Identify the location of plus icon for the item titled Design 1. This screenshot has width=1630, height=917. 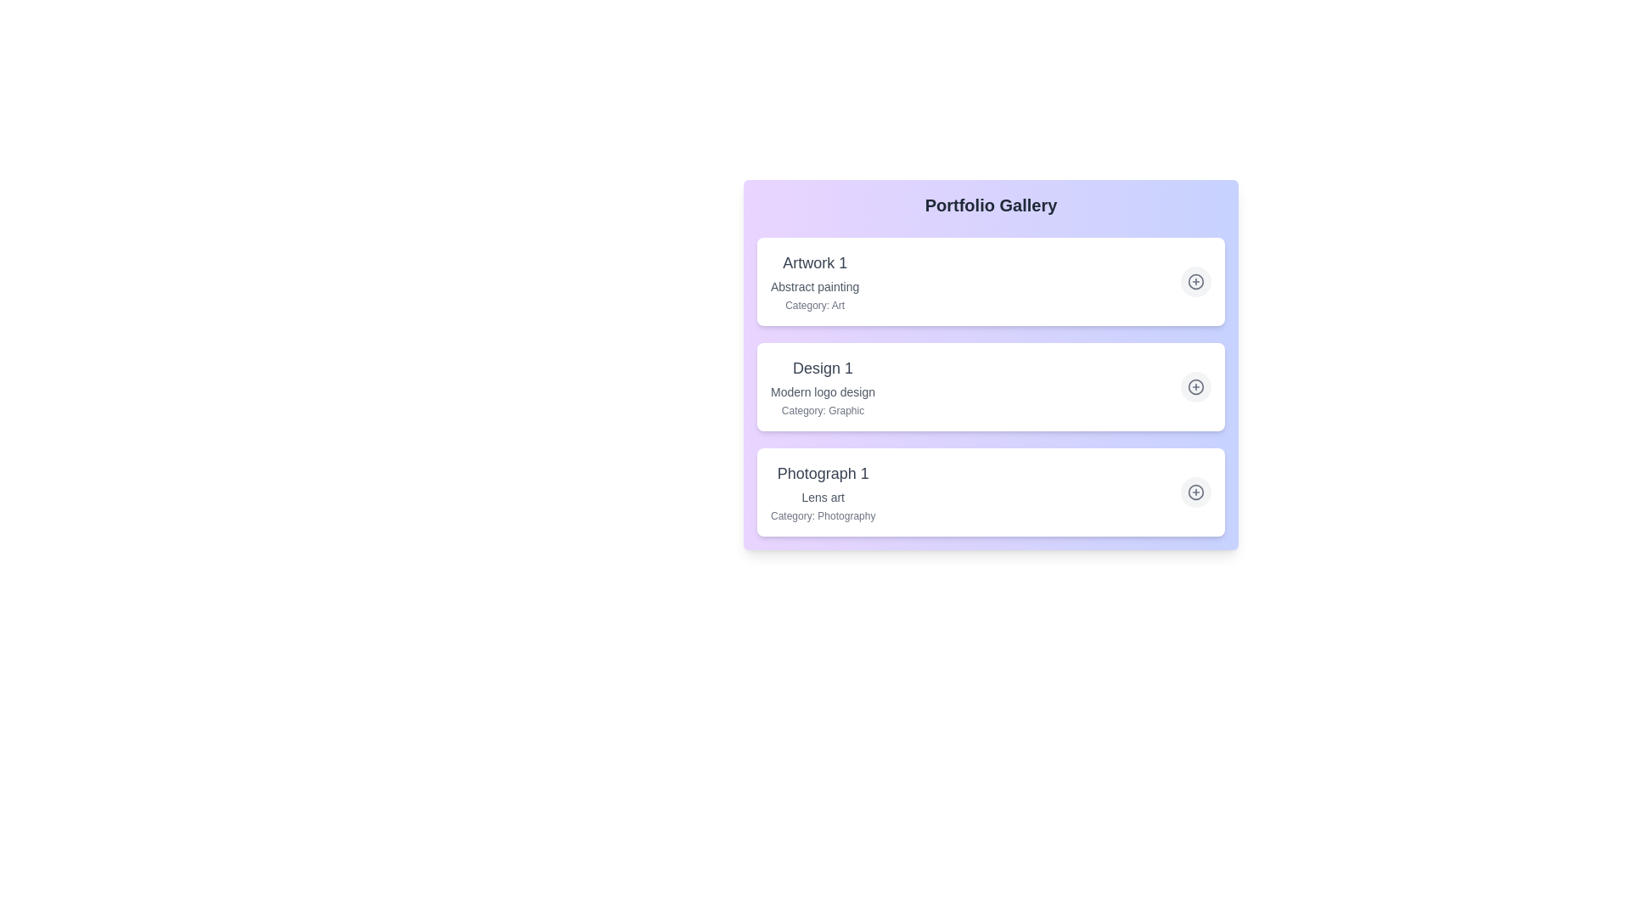
(1195, 386).